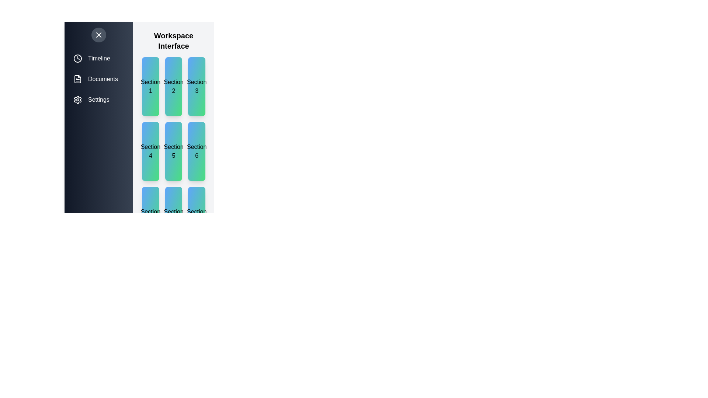 Image resolution: width=708 pixels, height=398 pixels. I want to click on the Timeline from the navigation menu, so click(98, 58).